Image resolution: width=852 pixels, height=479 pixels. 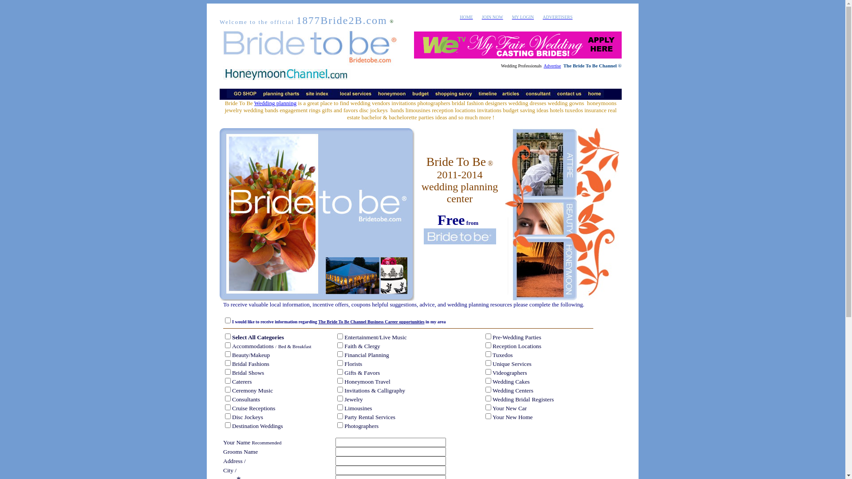 What do you see at coordinates (527, 16) in the screenshot?
I see `'LOGIN'` at bounding box center [527, 16].